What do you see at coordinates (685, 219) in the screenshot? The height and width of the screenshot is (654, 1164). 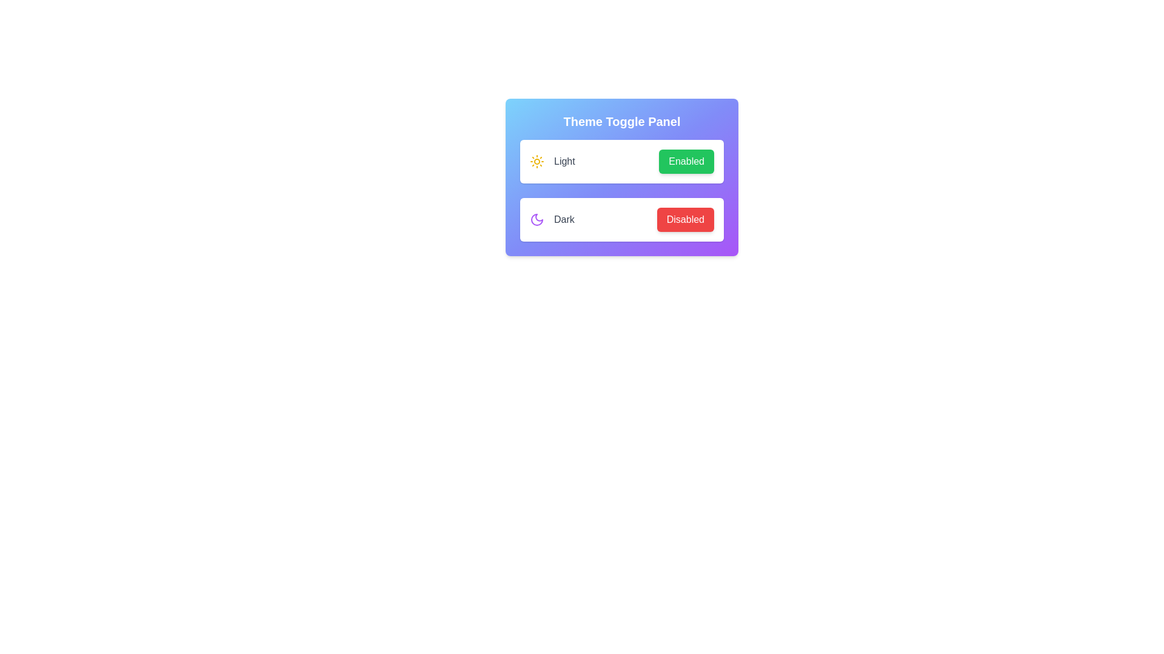 I see `button to toggle the theme state for dark` at bounding box center [685, 219].